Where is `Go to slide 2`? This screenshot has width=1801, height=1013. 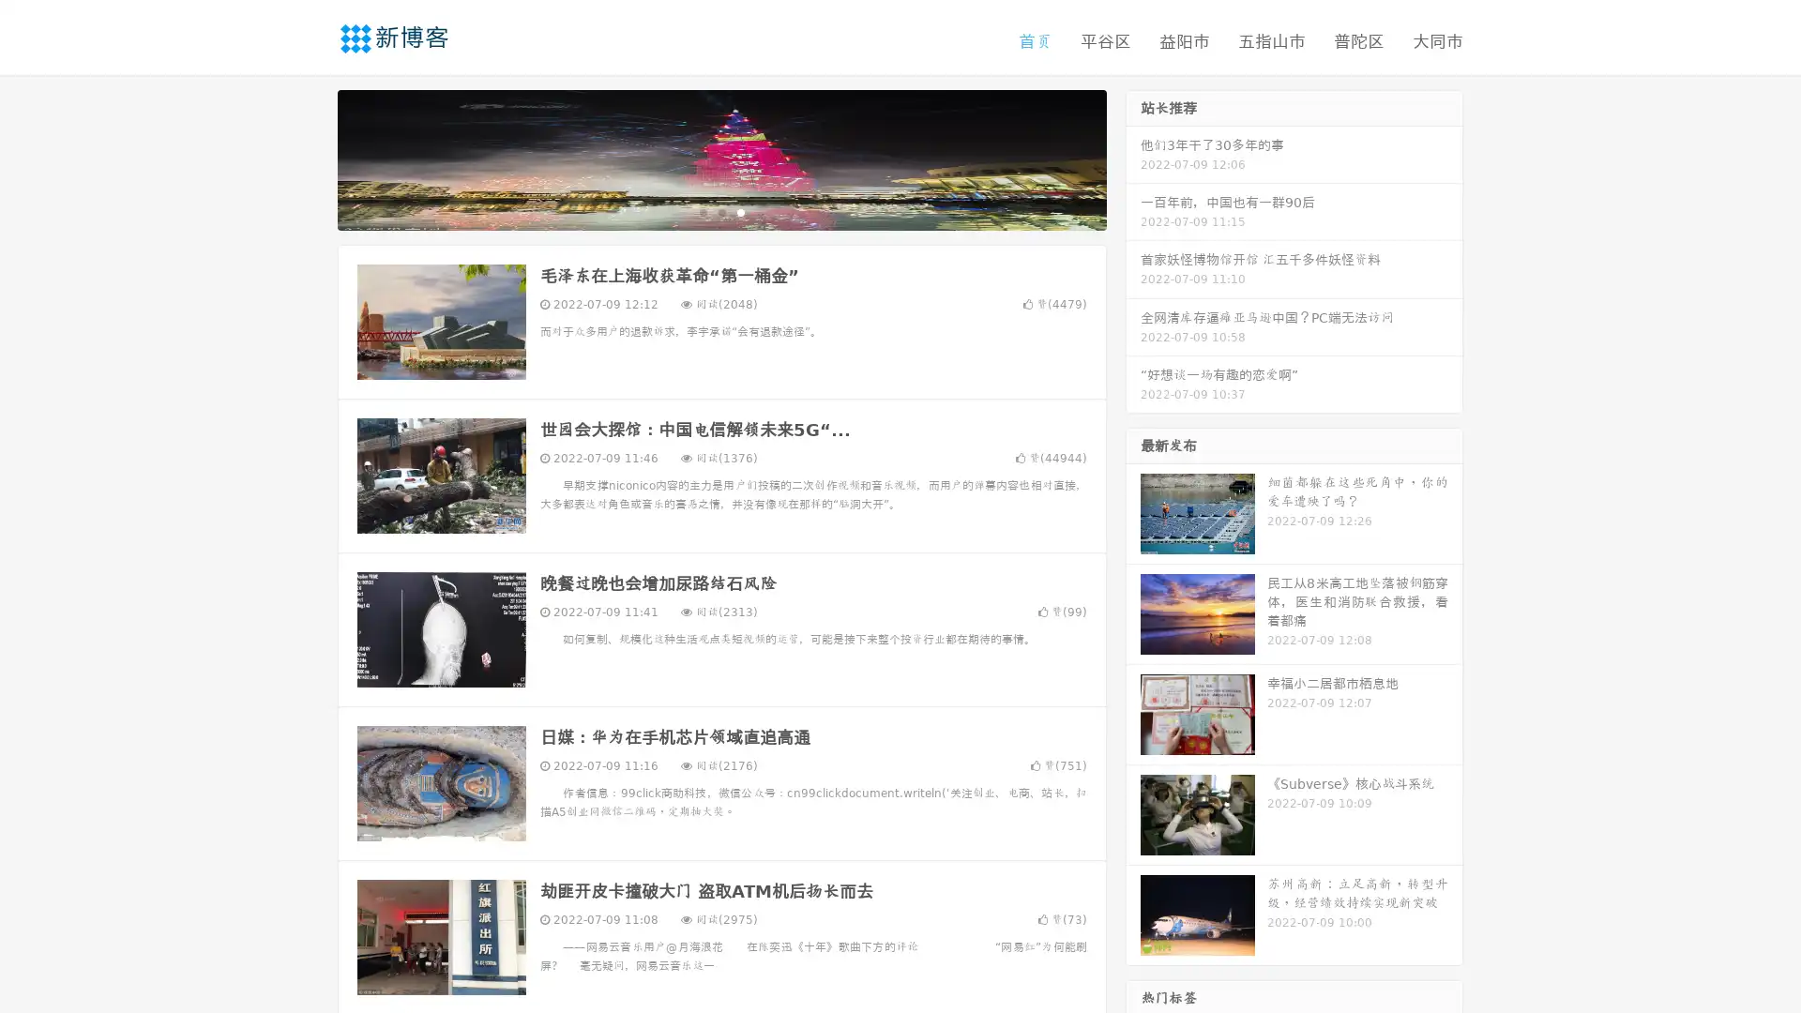
Go to slide 2 is located at coordinates (720, 211).